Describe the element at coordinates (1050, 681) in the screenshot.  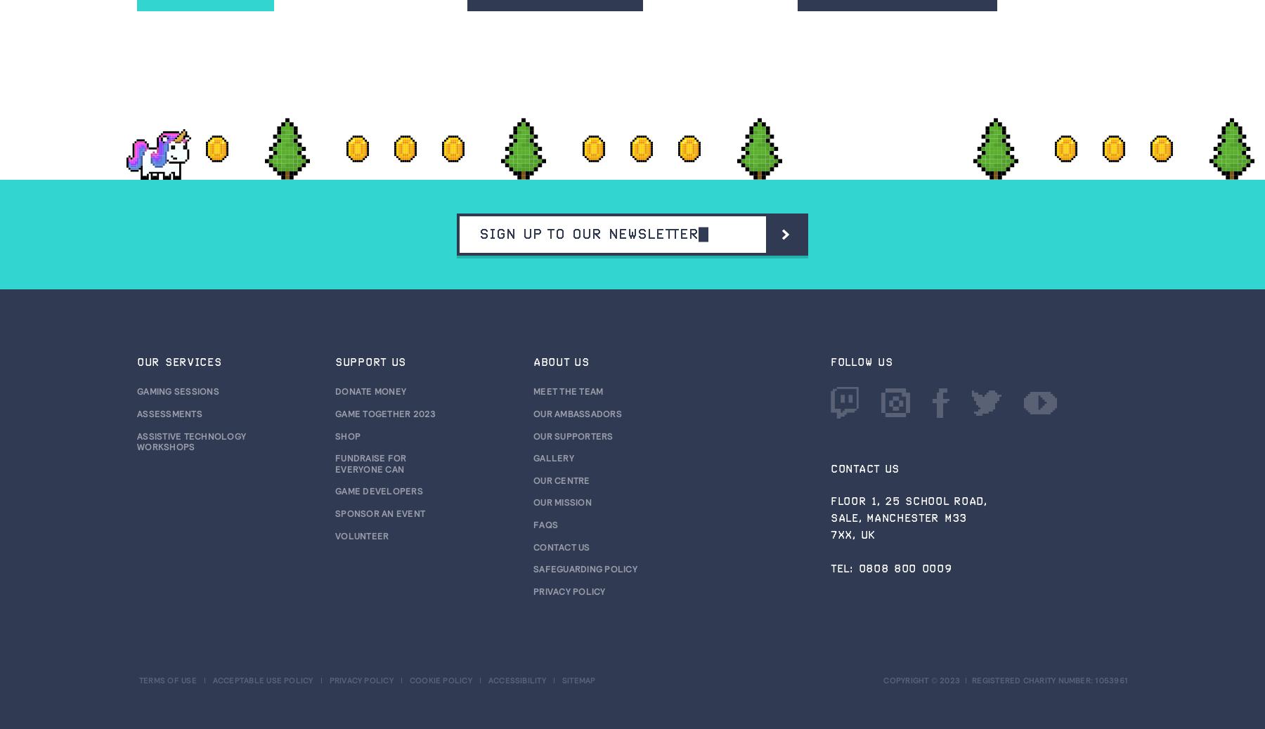
I see `'Registered Charity Number: 1053961'` at that location.